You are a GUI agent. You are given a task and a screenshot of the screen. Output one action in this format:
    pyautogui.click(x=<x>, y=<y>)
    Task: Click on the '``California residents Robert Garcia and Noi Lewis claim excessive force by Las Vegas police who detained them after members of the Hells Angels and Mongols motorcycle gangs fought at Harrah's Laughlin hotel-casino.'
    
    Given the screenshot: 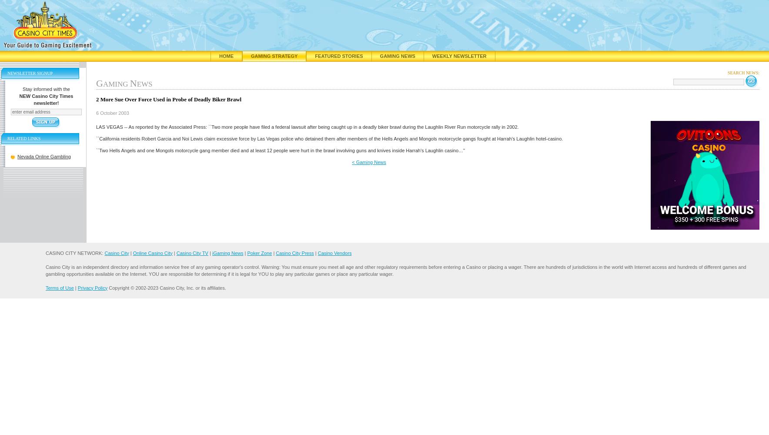 What is the action you would take?
    pyautogui.click(x=329, y=138)
    